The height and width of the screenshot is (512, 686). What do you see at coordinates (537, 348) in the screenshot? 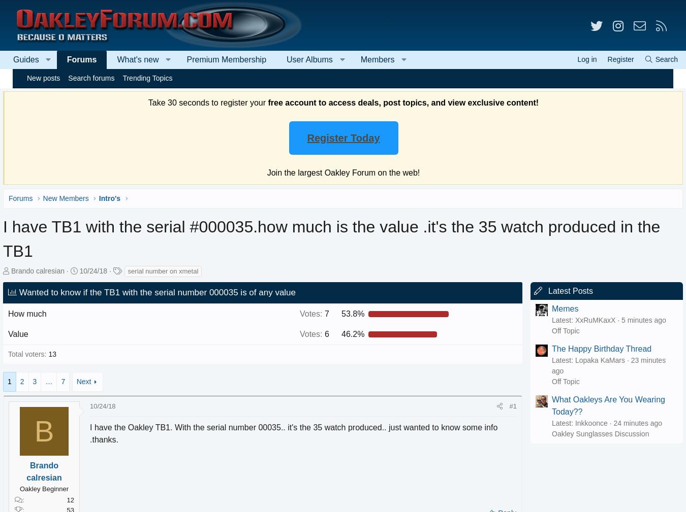
I see `'The Happy Birthday Thread'` at bounding box center [537, 348].